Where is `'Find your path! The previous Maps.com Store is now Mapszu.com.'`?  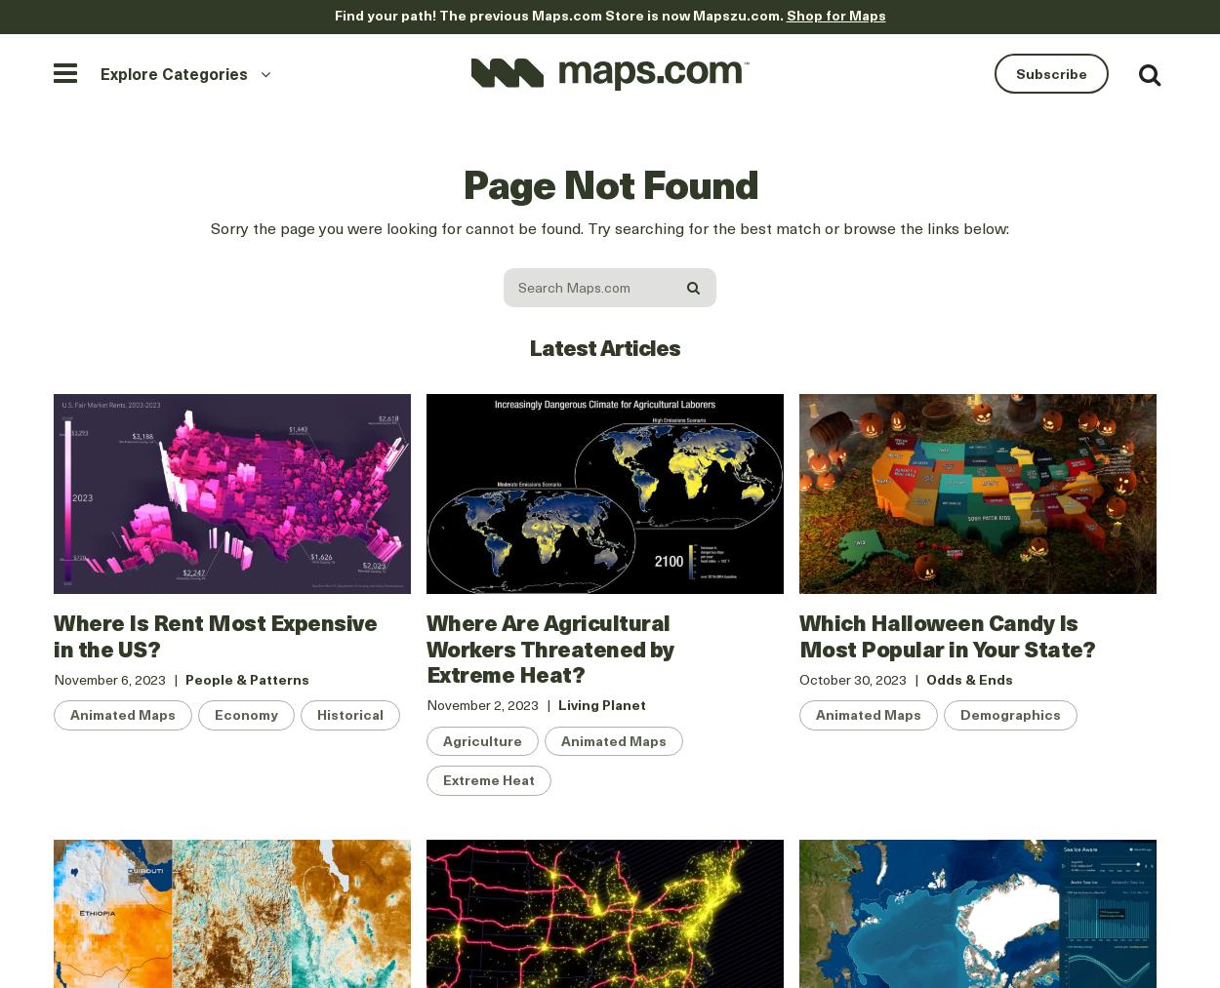
'Find your path! The previous Maps.com Store is now Mapszu.com.' is located at coordinates (558, 14).